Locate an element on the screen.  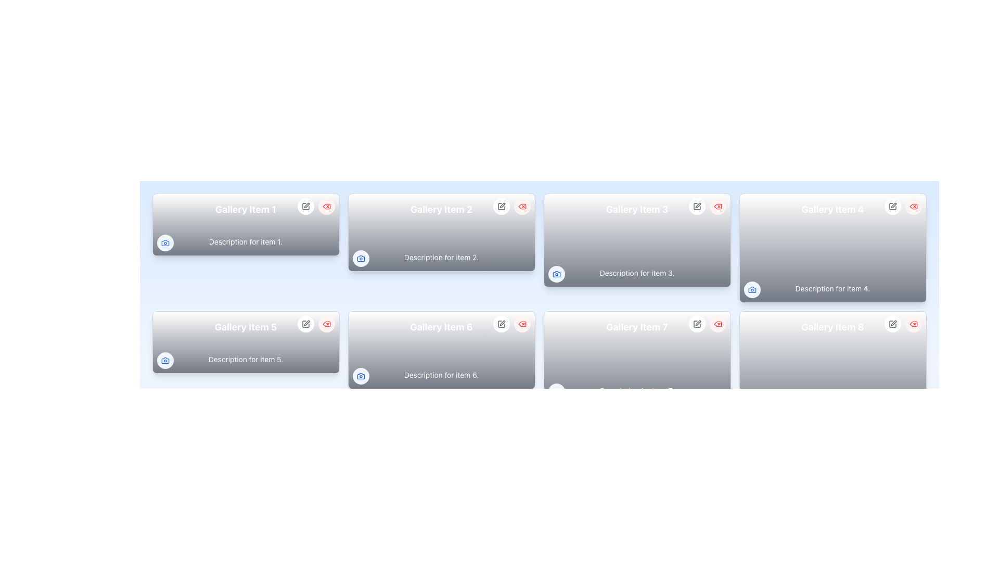
the content of the Informational display panel for 'Gallery Item 8', which is located on the second row and fourth column of the grid, adjacent to 'Gallery Item 7' is located at coordinates (832, 365).